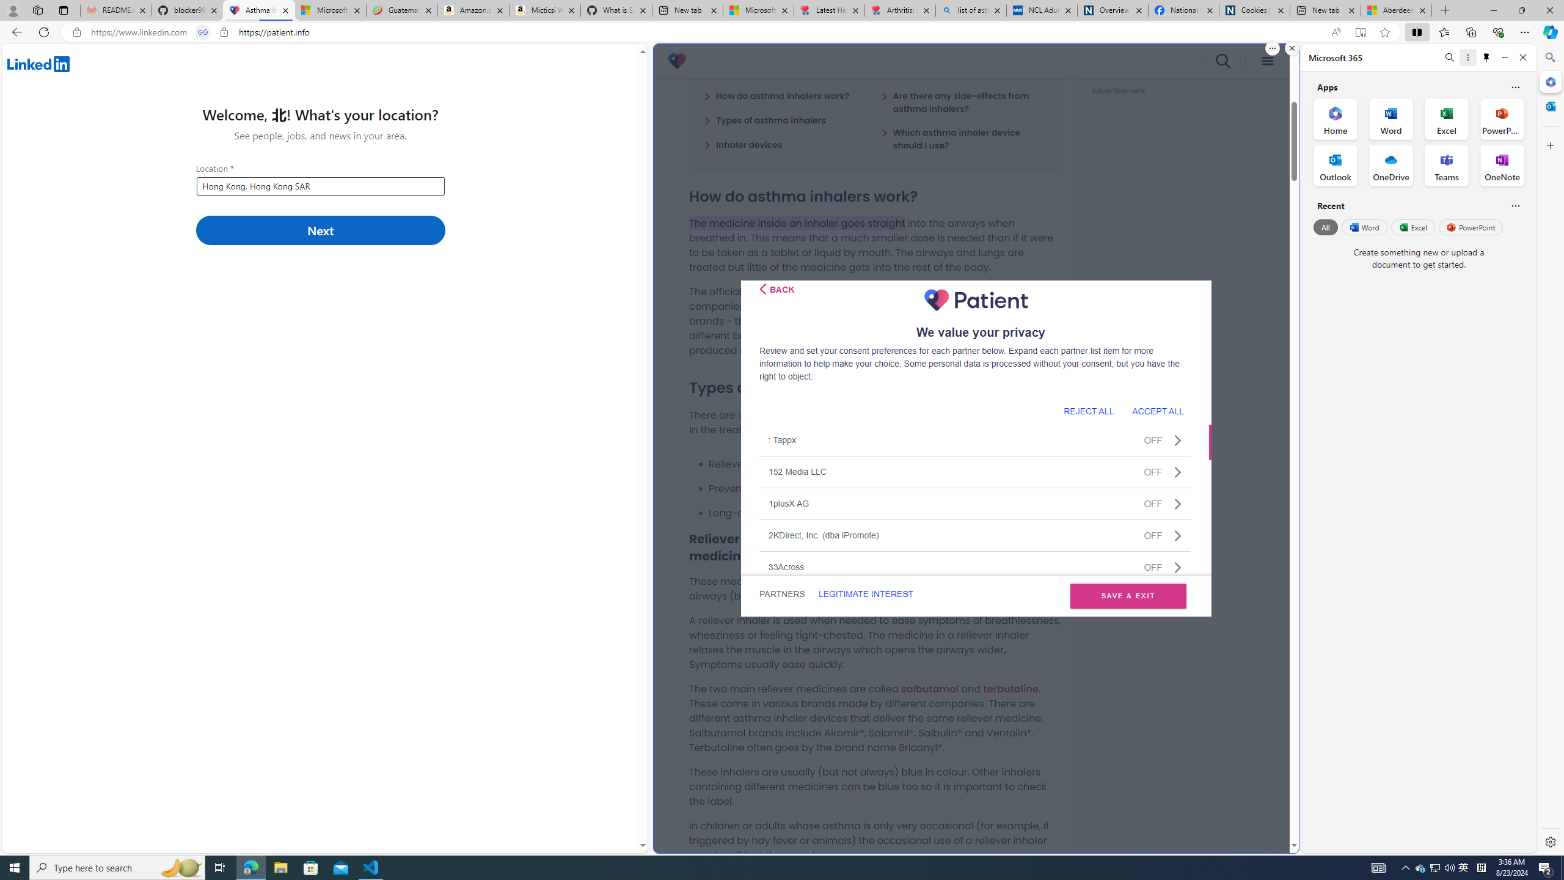  What do you see at coordinates (1177, 566) in the screenshot?
I see `'Class: css-jswnc6'` at bounding box center [1177, 566].